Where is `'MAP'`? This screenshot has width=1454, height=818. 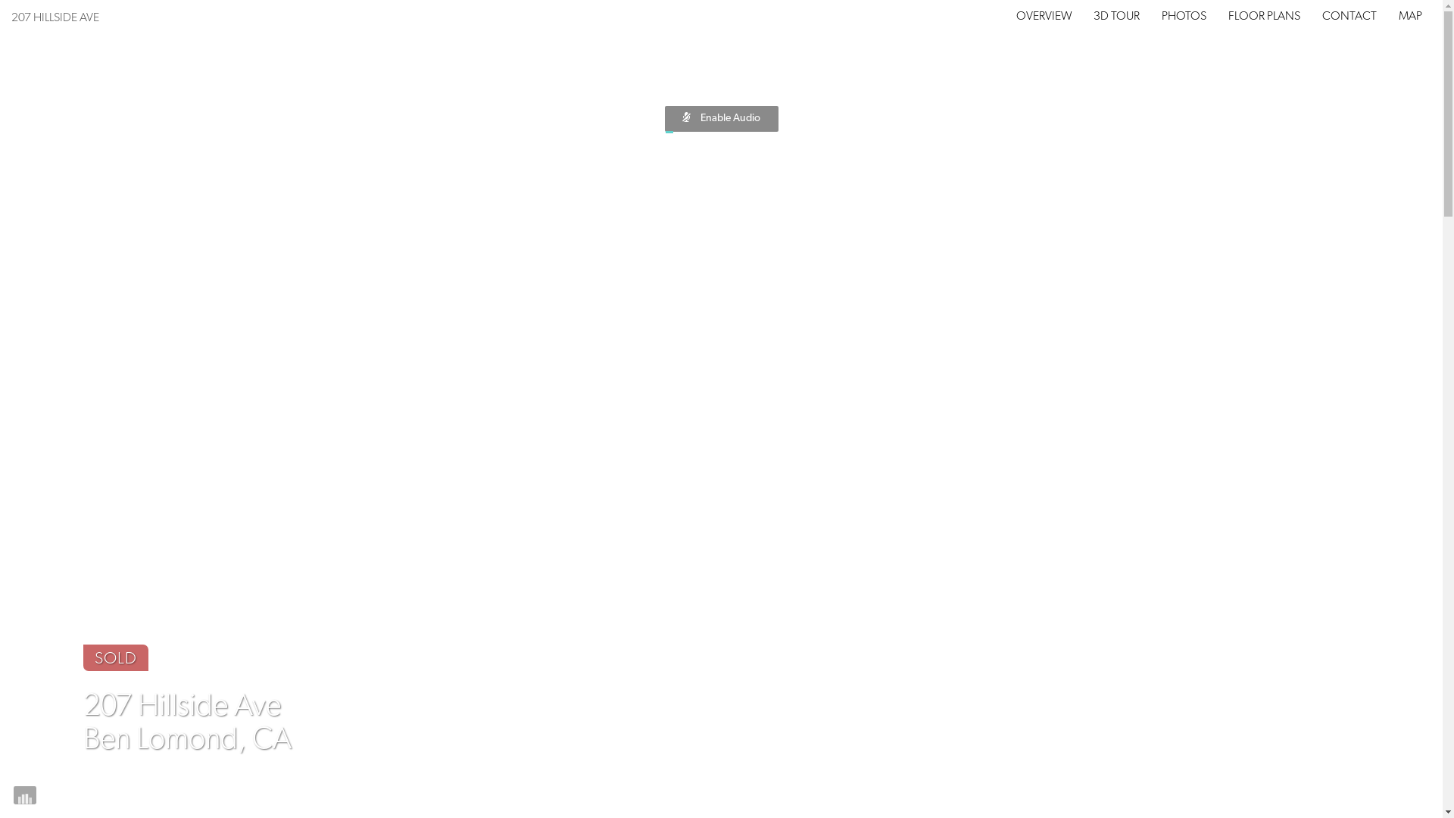
'MAP' is located at coordinates (1409, 17).